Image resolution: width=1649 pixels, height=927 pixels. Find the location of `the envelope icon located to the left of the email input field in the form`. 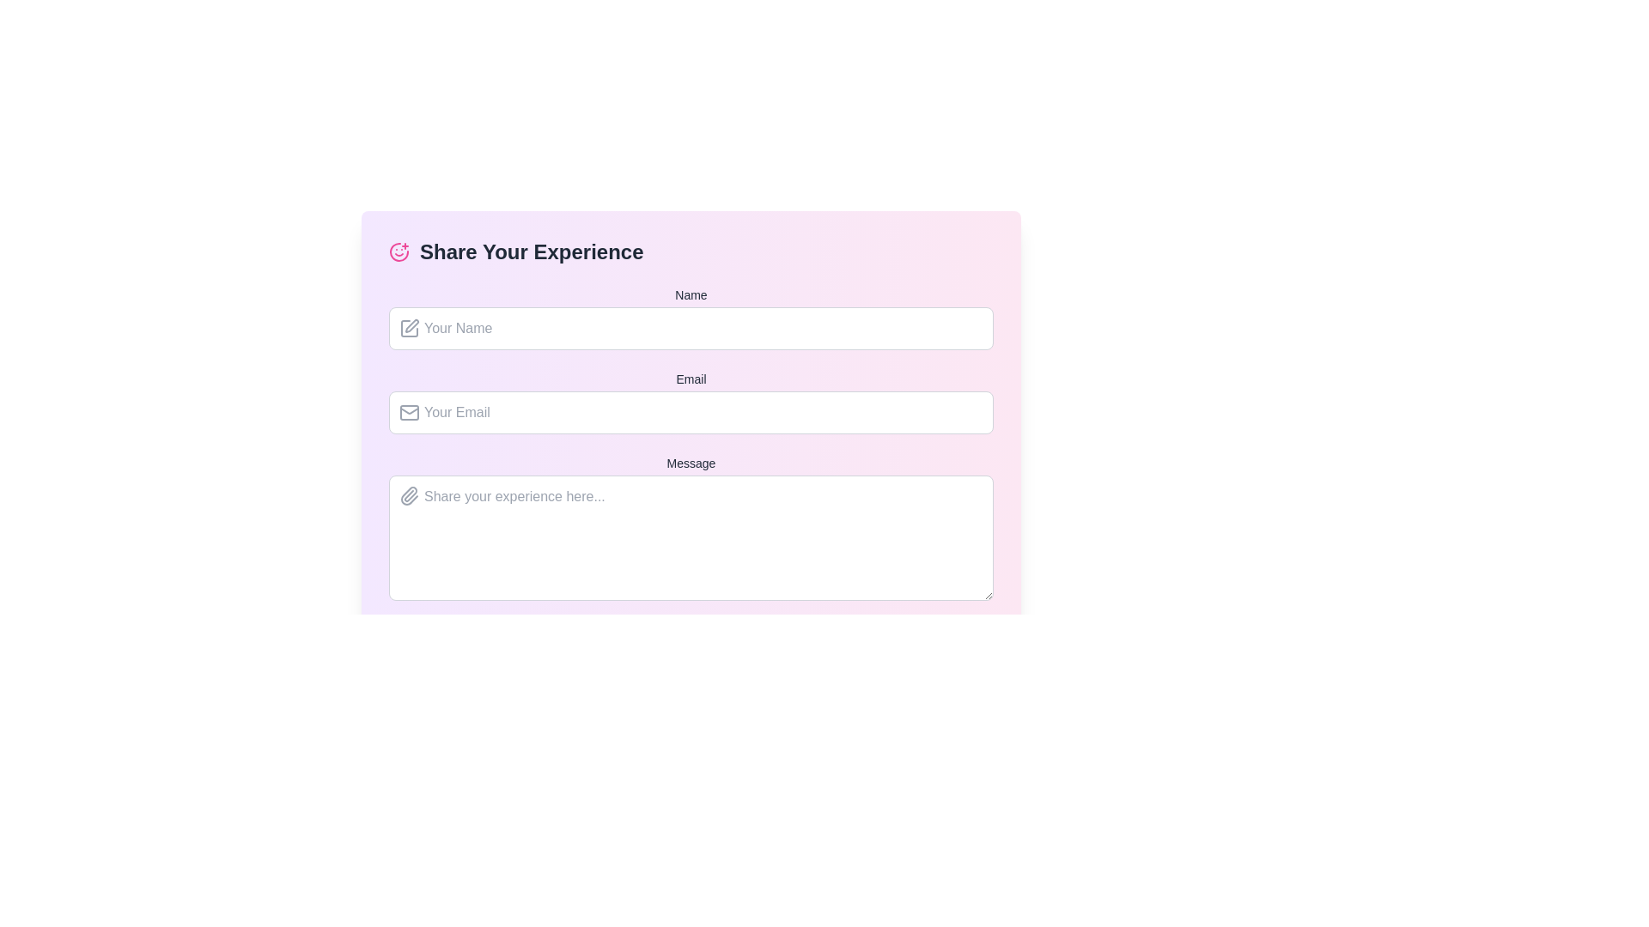

the envelope icon located to the left of the email input field in the form is located at coordinates (408, 413).